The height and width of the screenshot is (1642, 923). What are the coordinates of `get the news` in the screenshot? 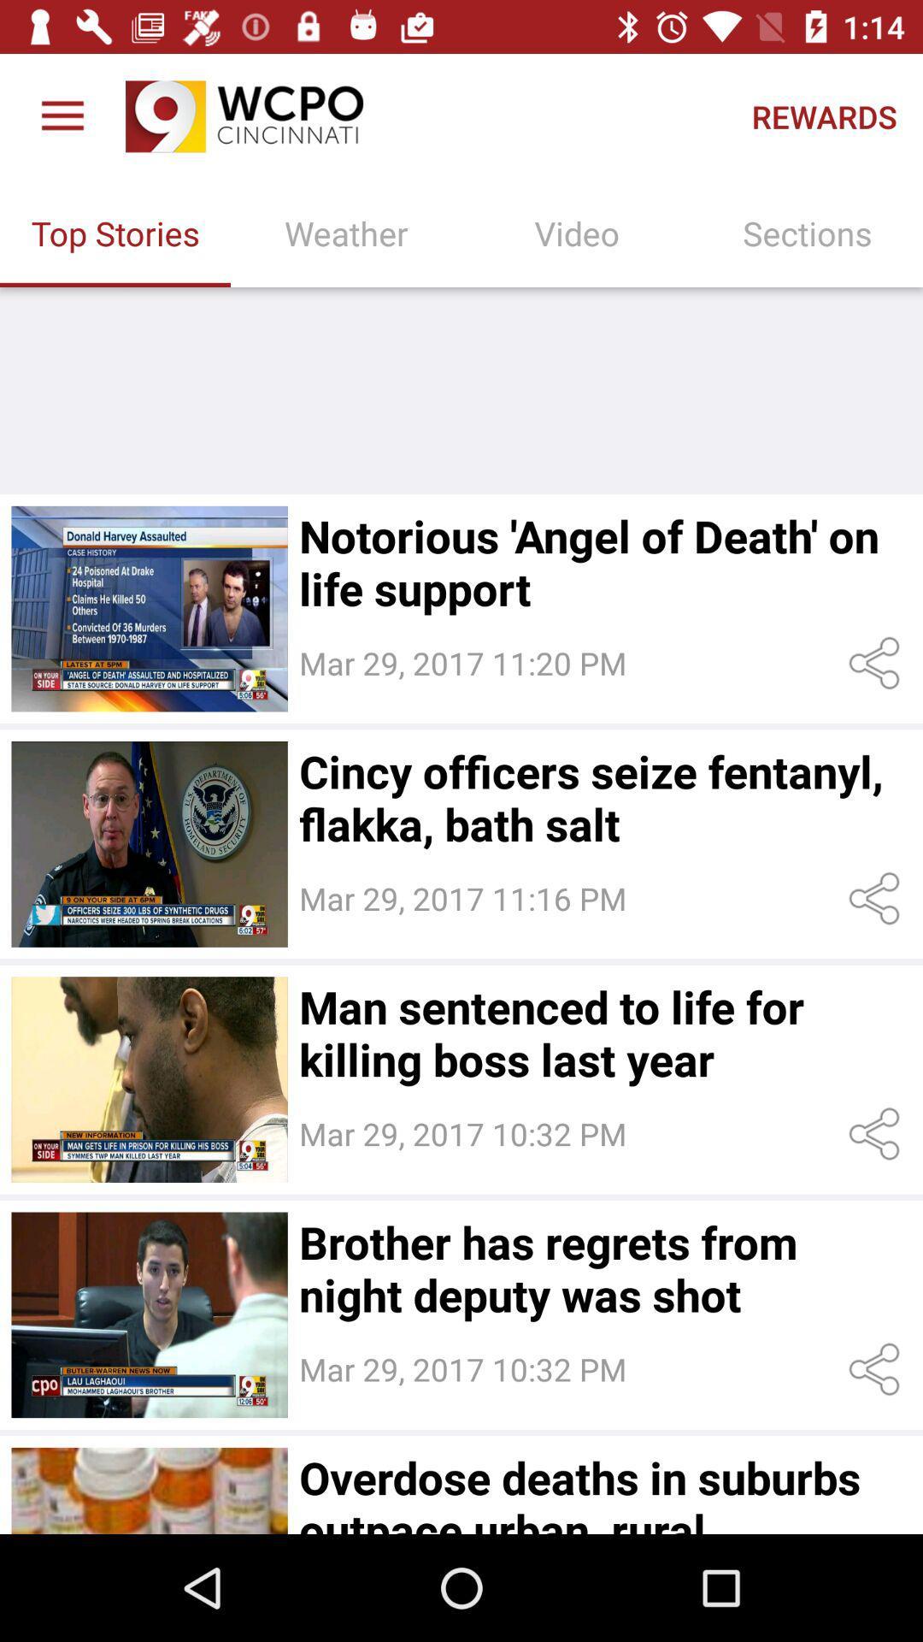 It's located at (149, 609).